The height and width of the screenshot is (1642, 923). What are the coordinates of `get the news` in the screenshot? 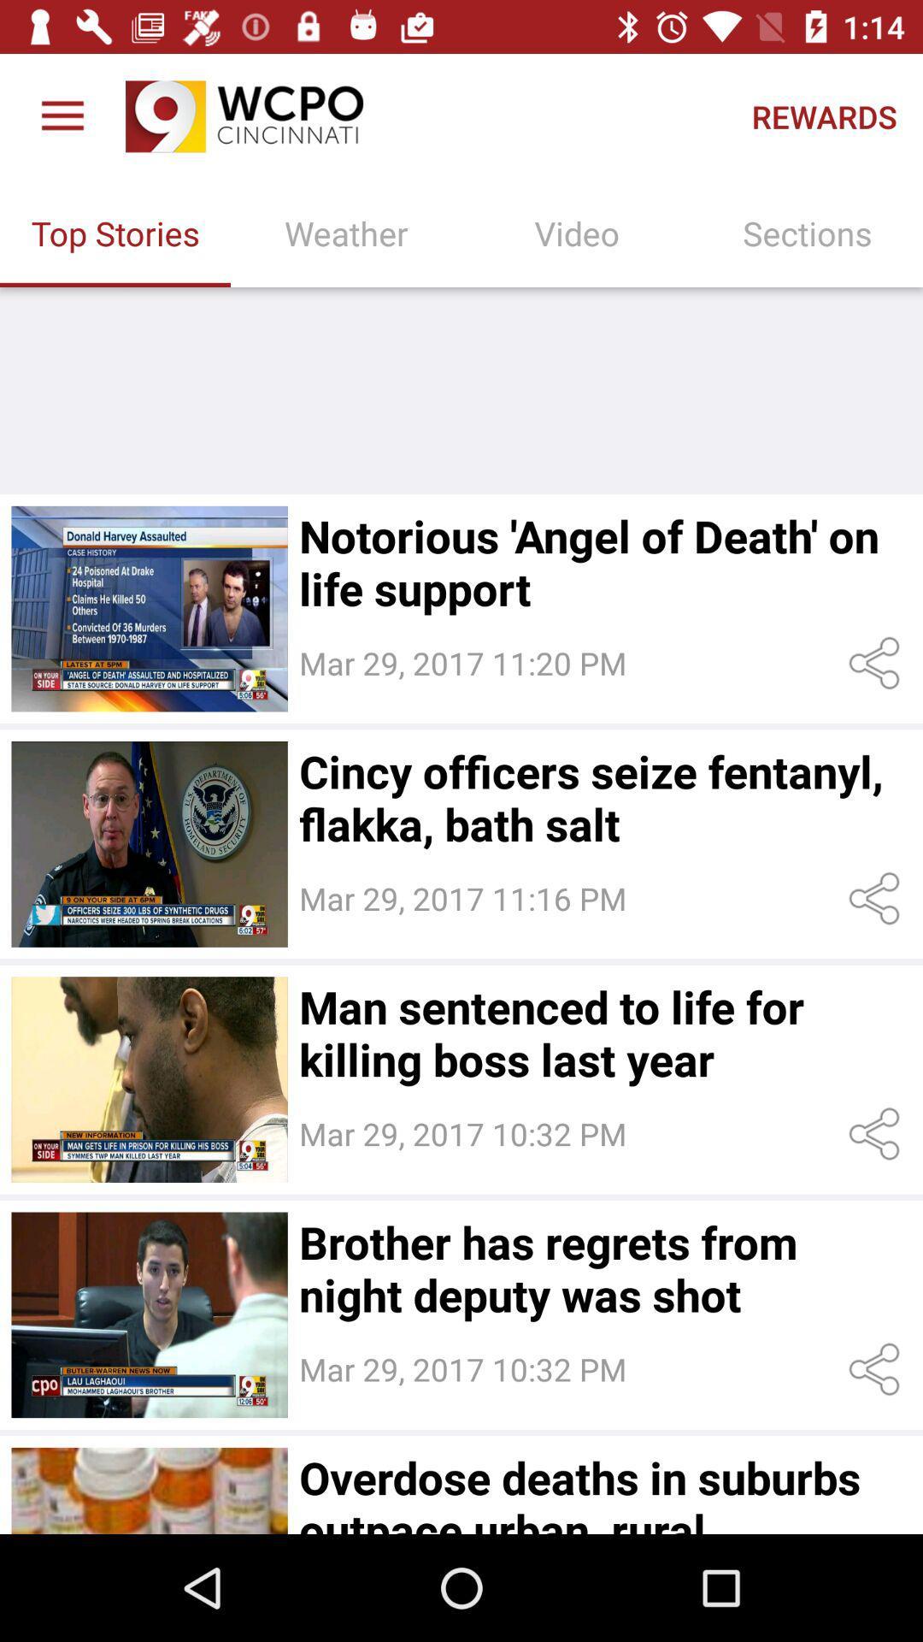 It's located at (149, 609).